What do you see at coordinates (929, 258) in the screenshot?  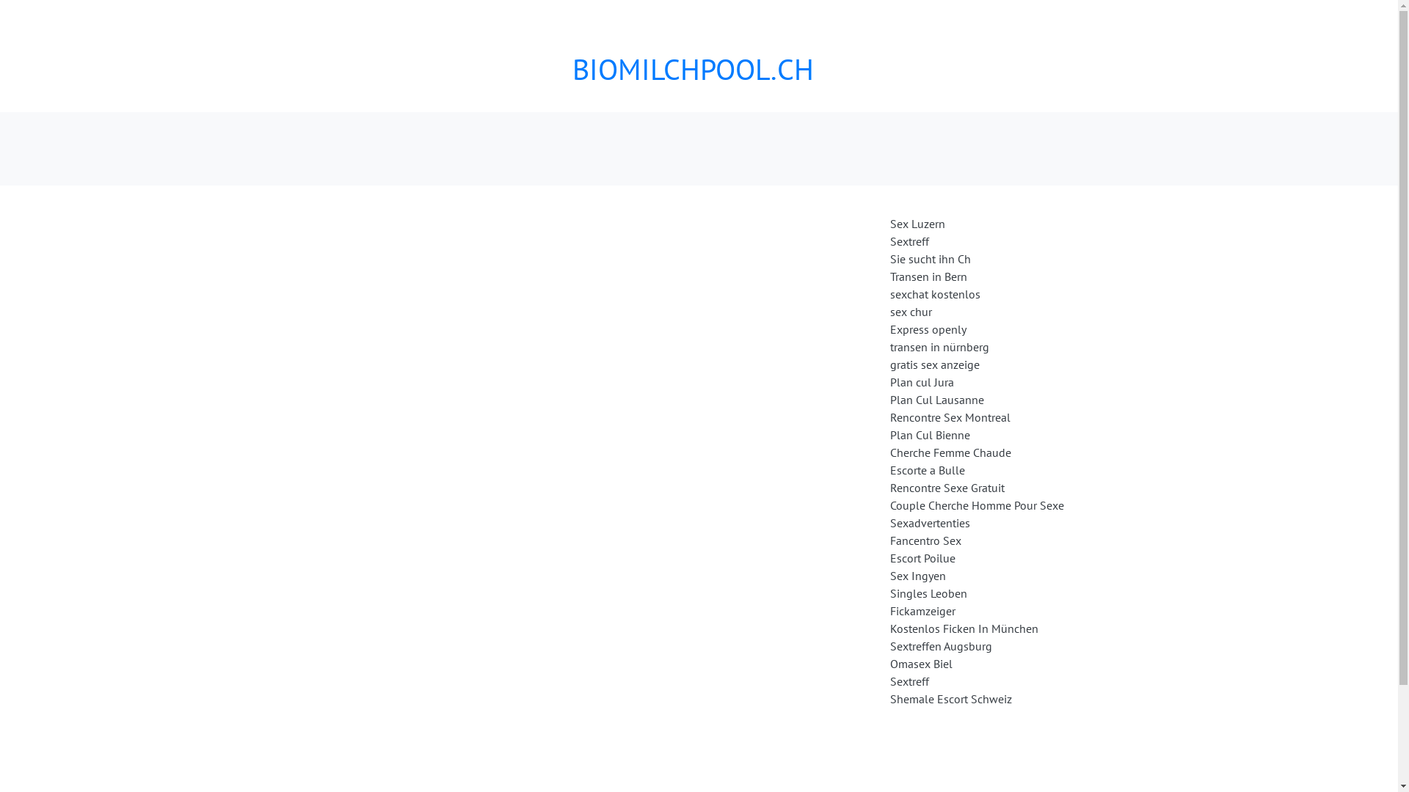 I see `'Sie sucht ihn Ch'` at bounding box center [929, 258].